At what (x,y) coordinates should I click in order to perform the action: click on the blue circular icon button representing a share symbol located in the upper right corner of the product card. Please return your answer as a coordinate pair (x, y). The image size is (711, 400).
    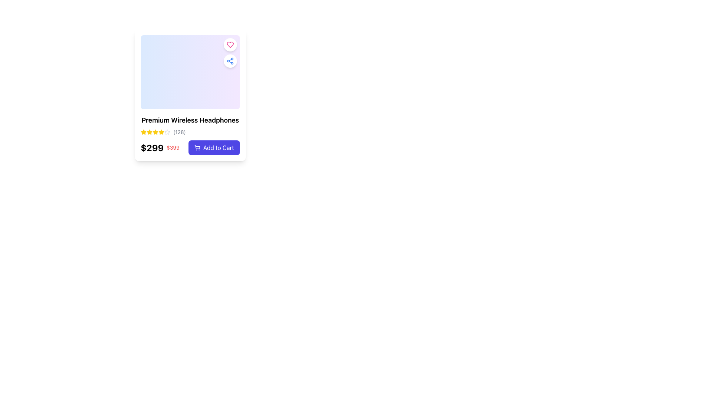
    Looking at the image, I should click on (230, 61).